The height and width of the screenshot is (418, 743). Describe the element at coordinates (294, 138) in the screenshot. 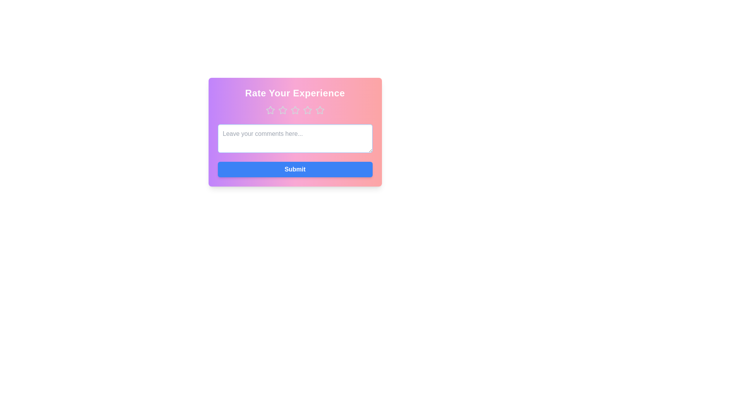

I see `the comment box to focus and type the desired text` at that location.